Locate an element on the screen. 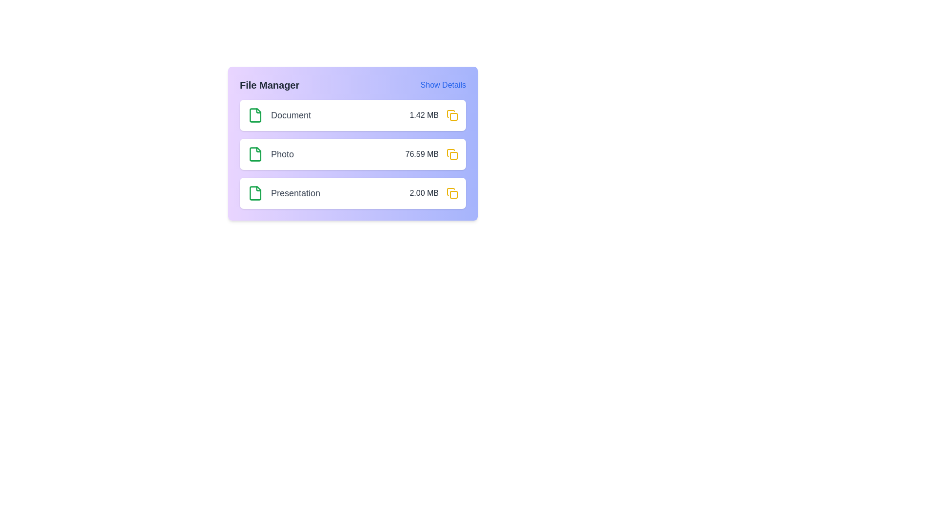  text label displaying the file name 'Photo' in the File Manager list, which is the second entry between 'Document' and 'Presentation' is located at coordinates (282, 153).